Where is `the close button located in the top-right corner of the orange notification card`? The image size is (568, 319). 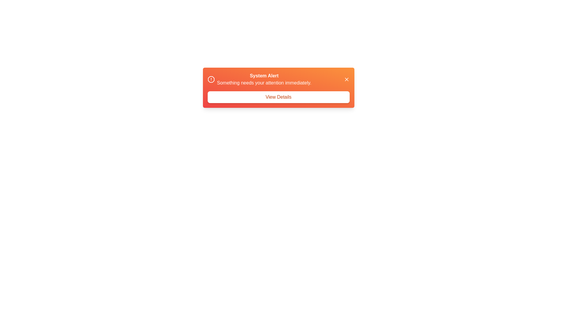 the close button located in the top-right corner of the orange notification card is located at coordinates (346, 79).